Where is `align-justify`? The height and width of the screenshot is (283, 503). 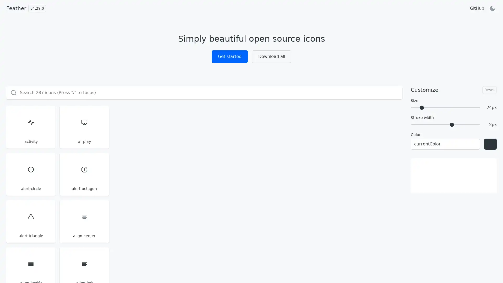 align-justify is located at coordinates (293, 127).